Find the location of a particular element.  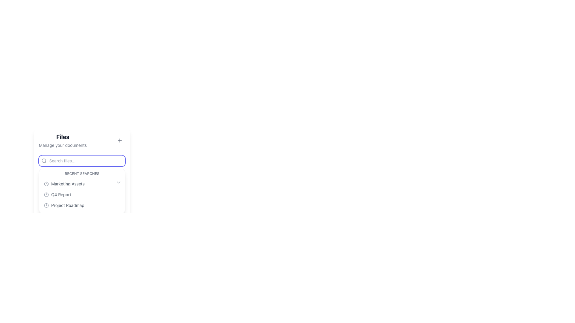

the composite label element titled 'Documents' with the supplementary description '43 items' is located at coordinates (79, 182).